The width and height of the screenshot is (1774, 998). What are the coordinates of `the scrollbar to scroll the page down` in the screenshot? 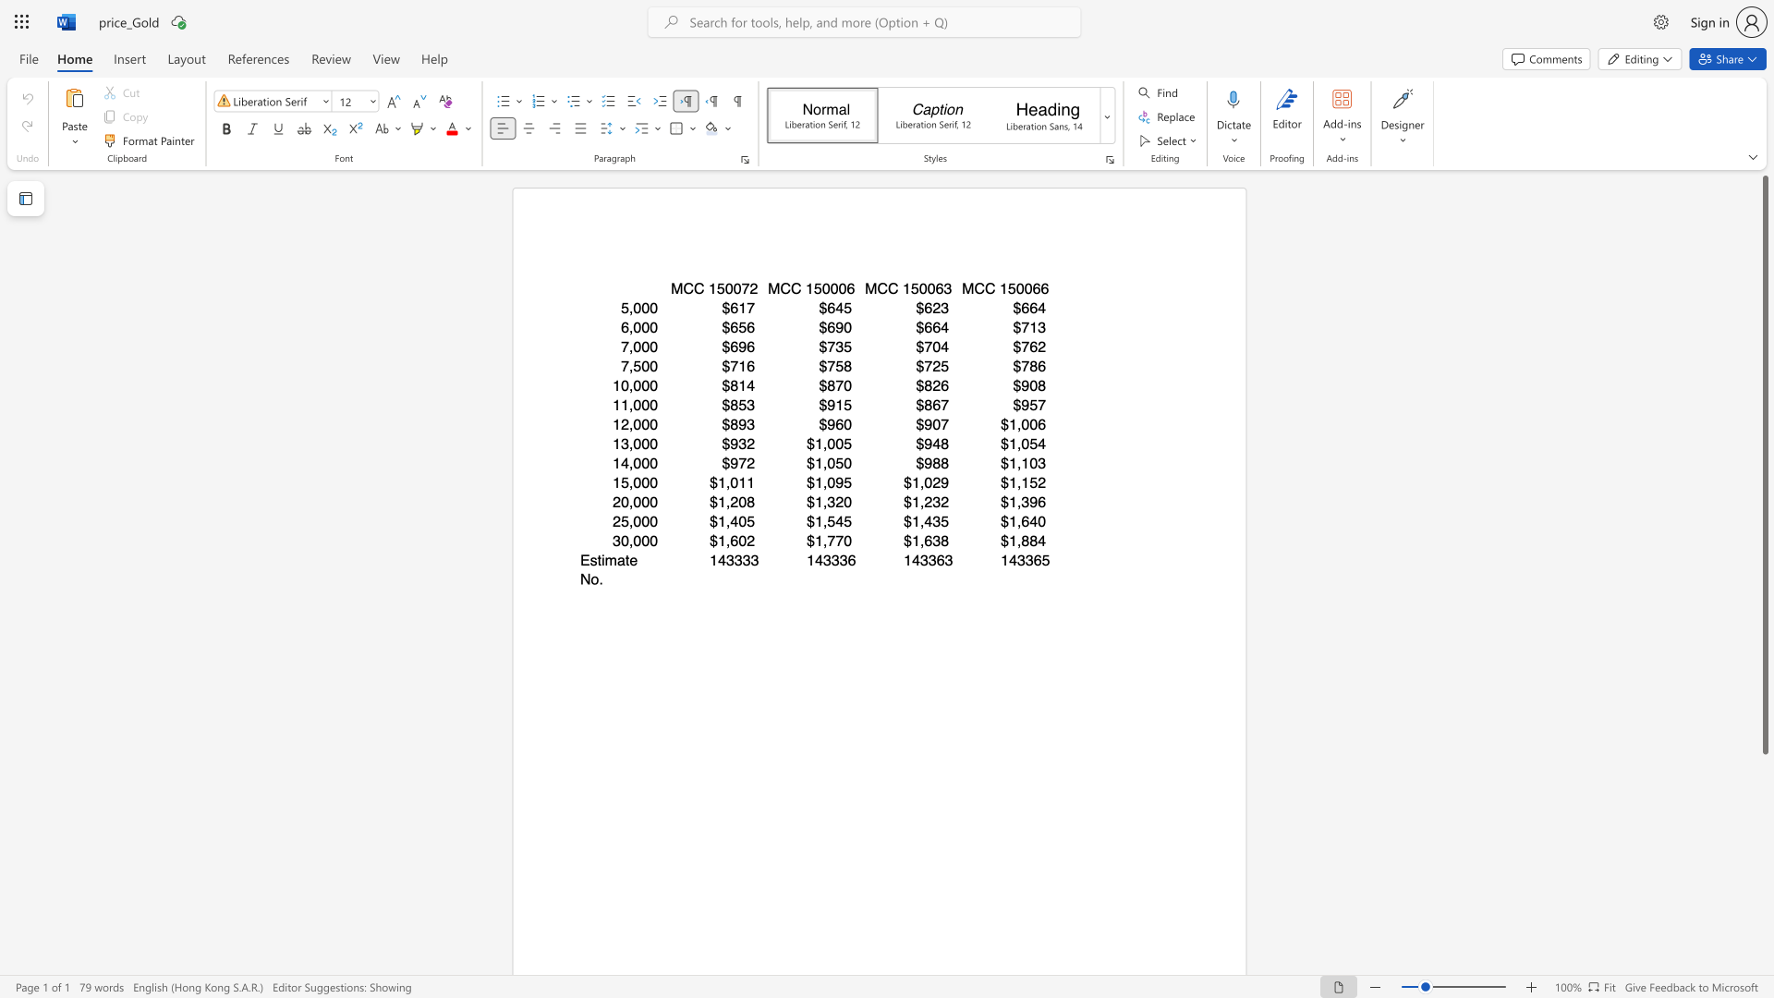 It's located at (1764, 766).